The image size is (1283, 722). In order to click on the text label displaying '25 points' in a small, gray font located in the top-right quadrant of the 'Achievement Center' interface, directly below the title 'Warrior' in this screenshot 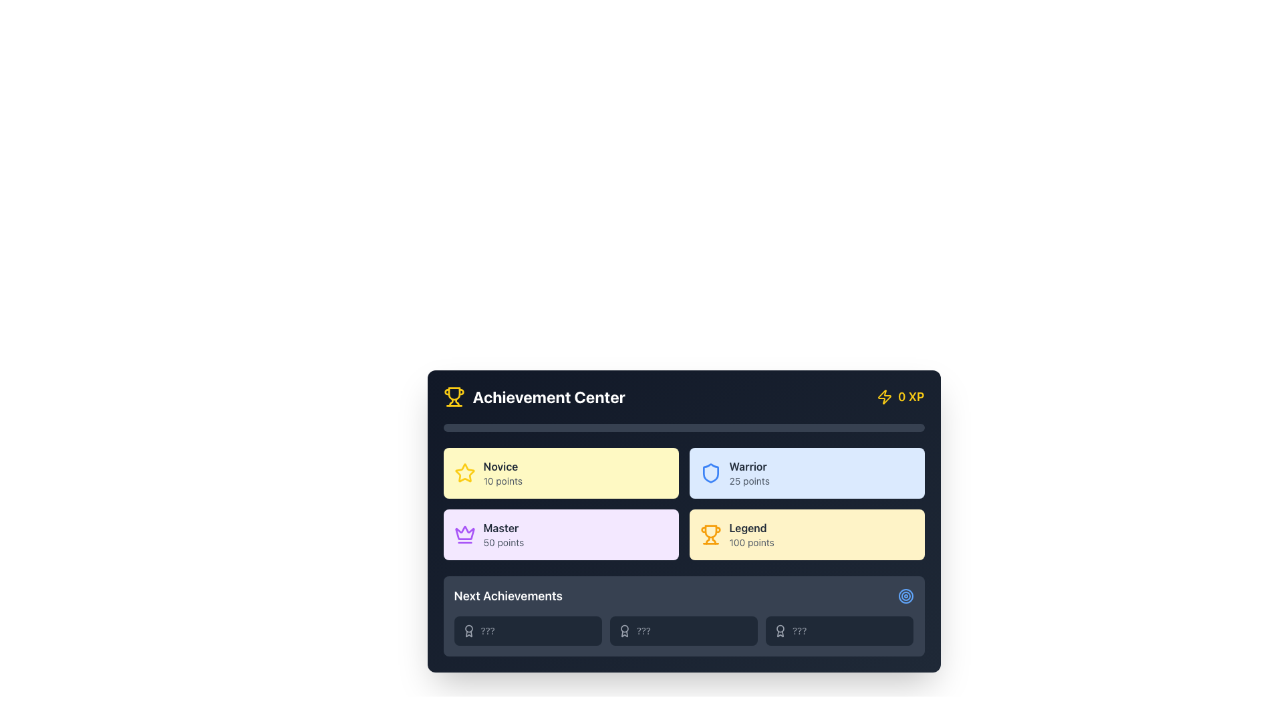, I will do `click(749, 481)`.